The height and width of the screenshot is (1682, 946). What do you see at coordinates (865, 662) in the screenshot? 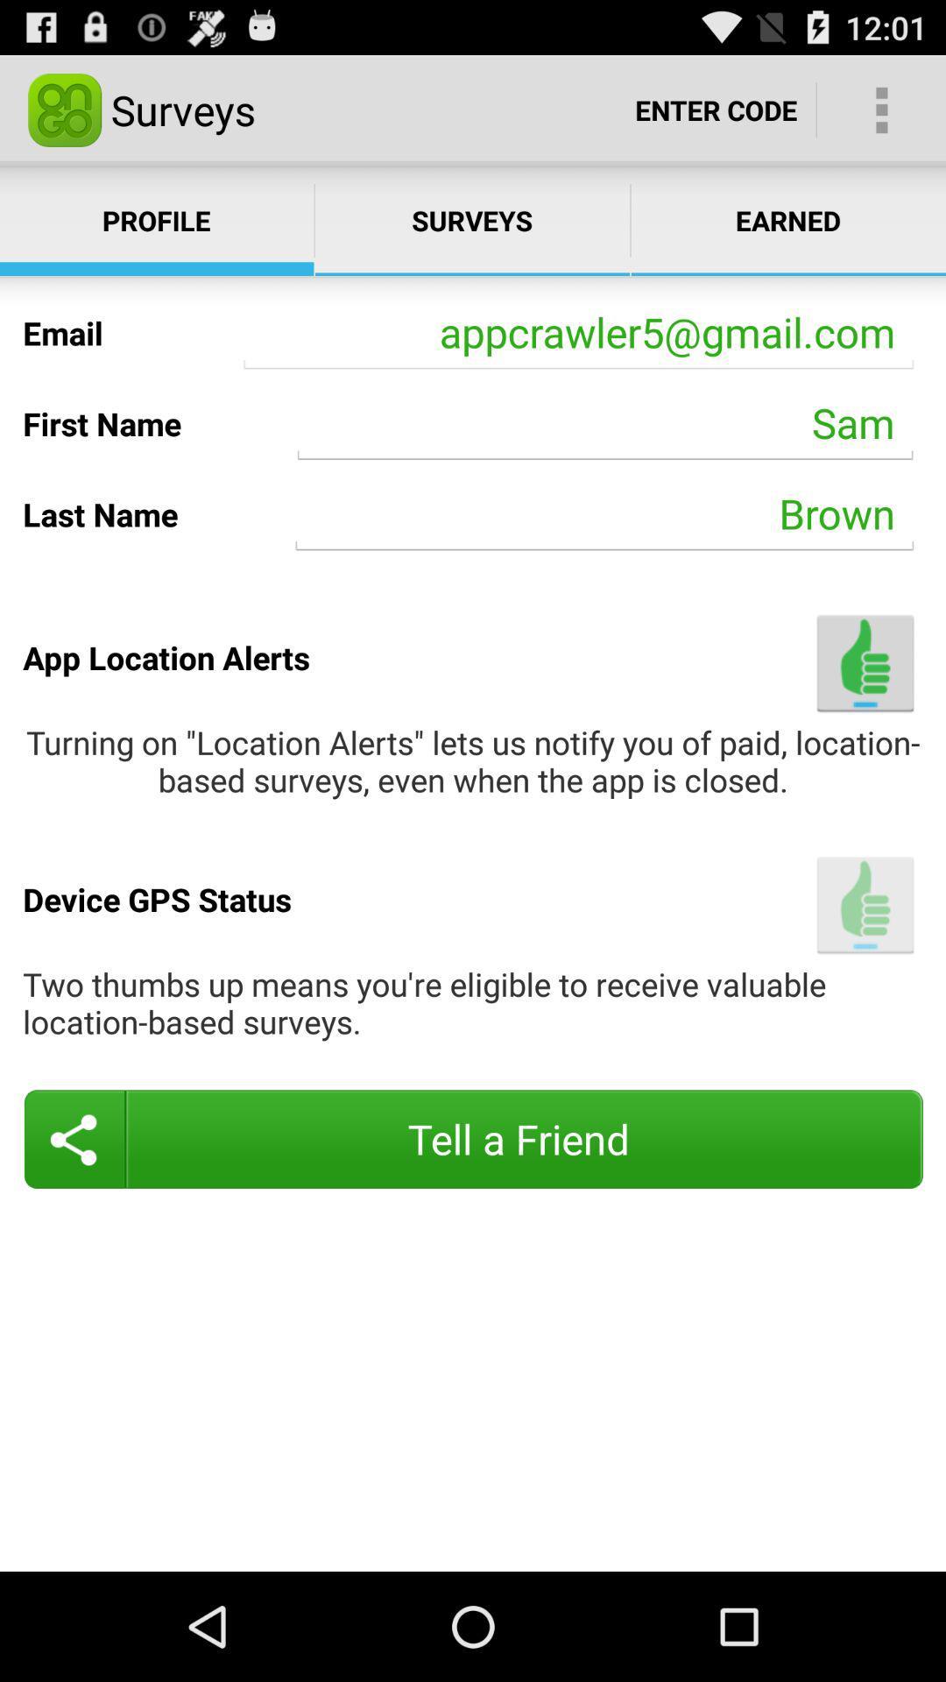
I see `accept location alerts` at bounding box center [865, 662].